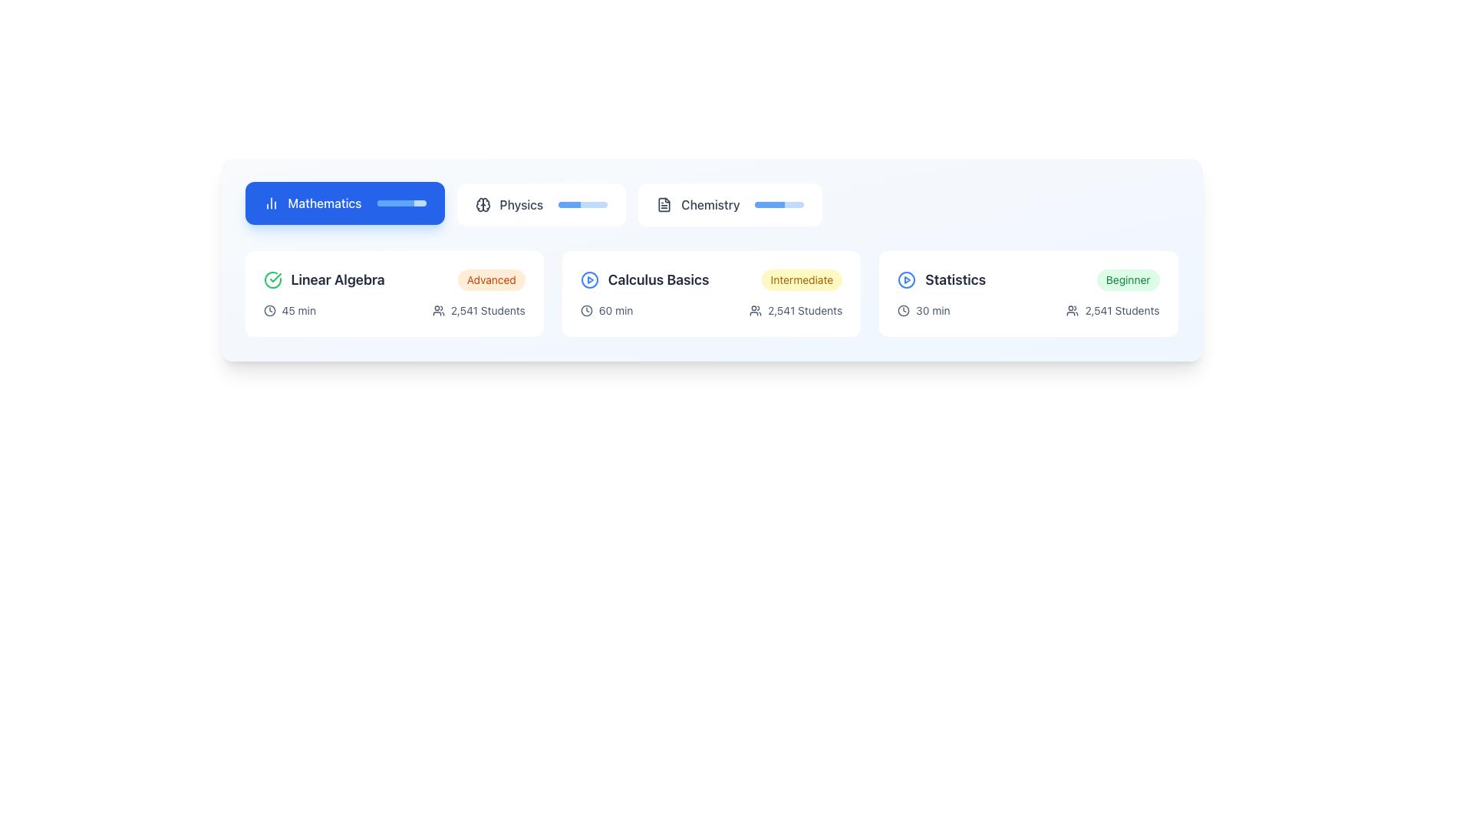 This screenshot has width=1473, height=829. Describe the element at coordinates (710, 293) in the screenshot. I see `the 'Calculus Basics' course card in the course selection interface, which provides an overview including the course name, difficulty, duration, and number of enrolled students` at that location.